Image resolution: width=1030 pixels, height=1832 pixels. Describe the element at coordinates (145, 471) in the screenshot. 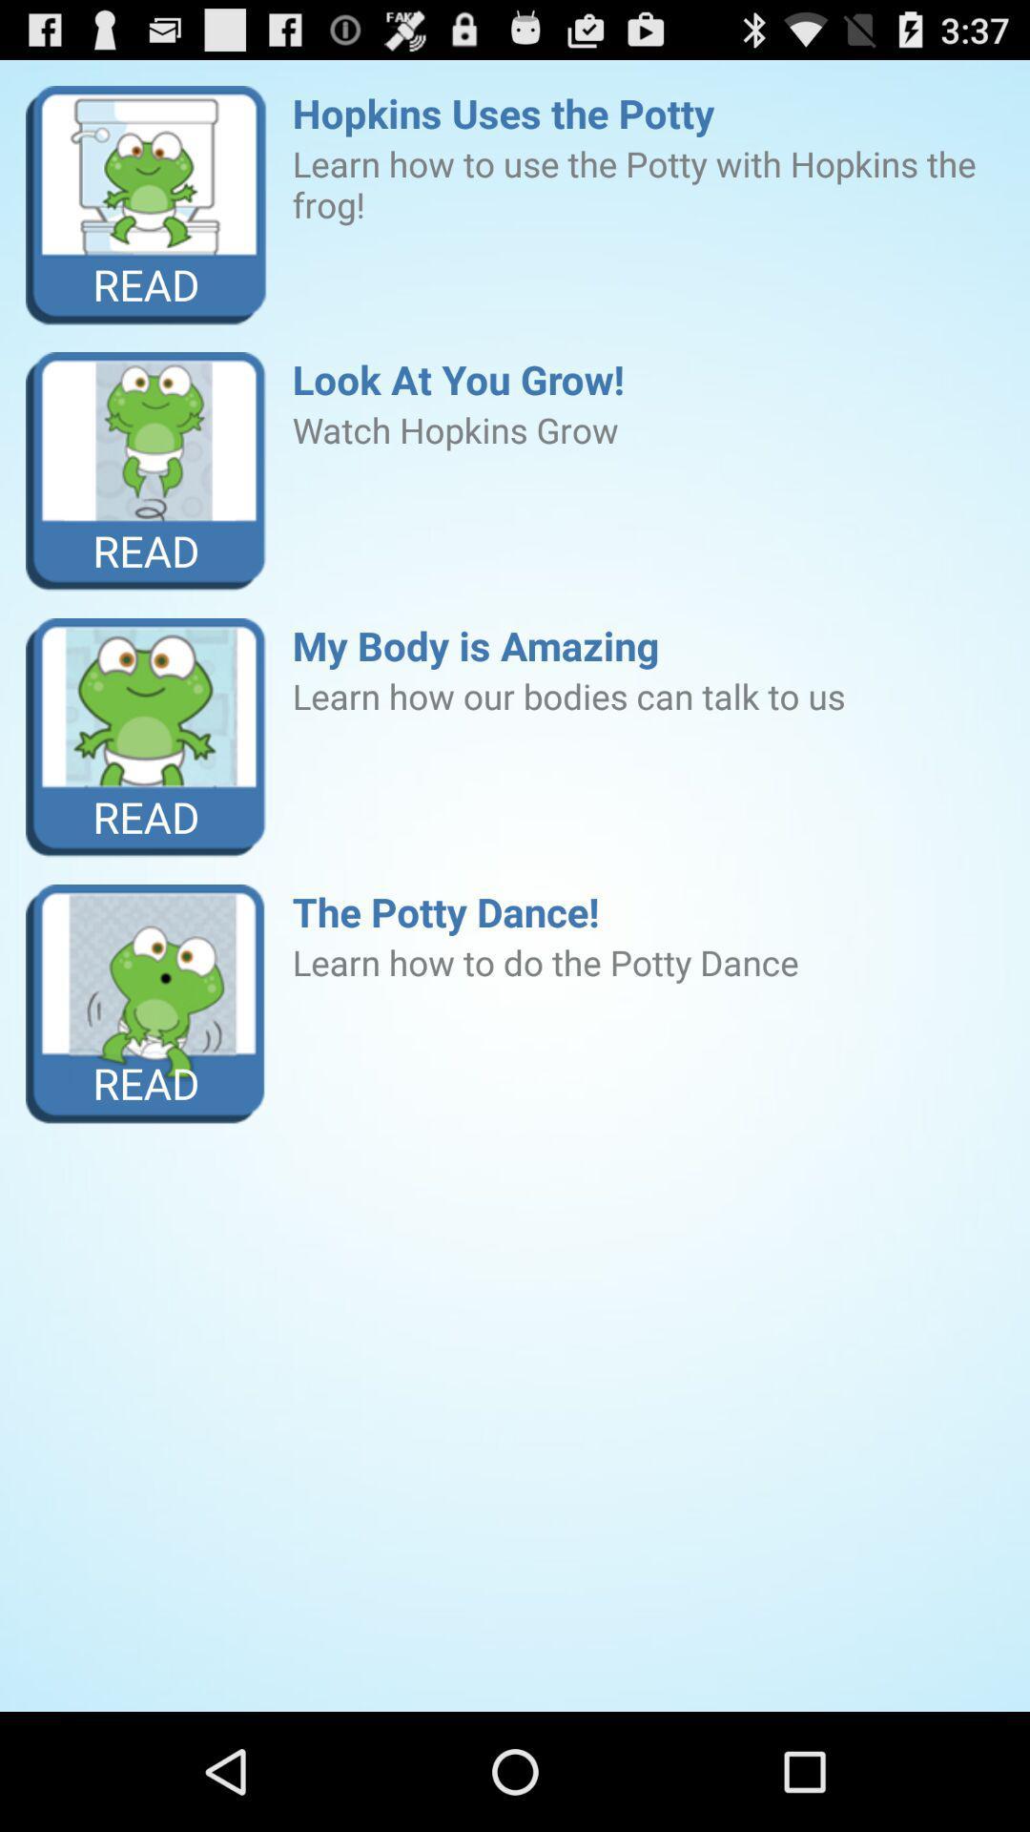

I see `item next to the look at you icon` at that location.